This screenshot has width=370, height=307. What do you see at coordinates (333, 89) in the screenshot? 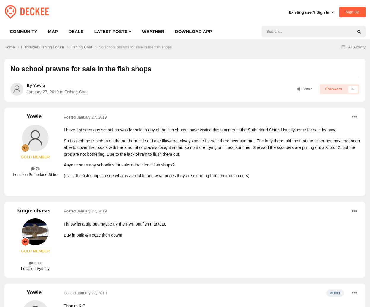
I see `'Followers'` at bounding box center [333, 89].